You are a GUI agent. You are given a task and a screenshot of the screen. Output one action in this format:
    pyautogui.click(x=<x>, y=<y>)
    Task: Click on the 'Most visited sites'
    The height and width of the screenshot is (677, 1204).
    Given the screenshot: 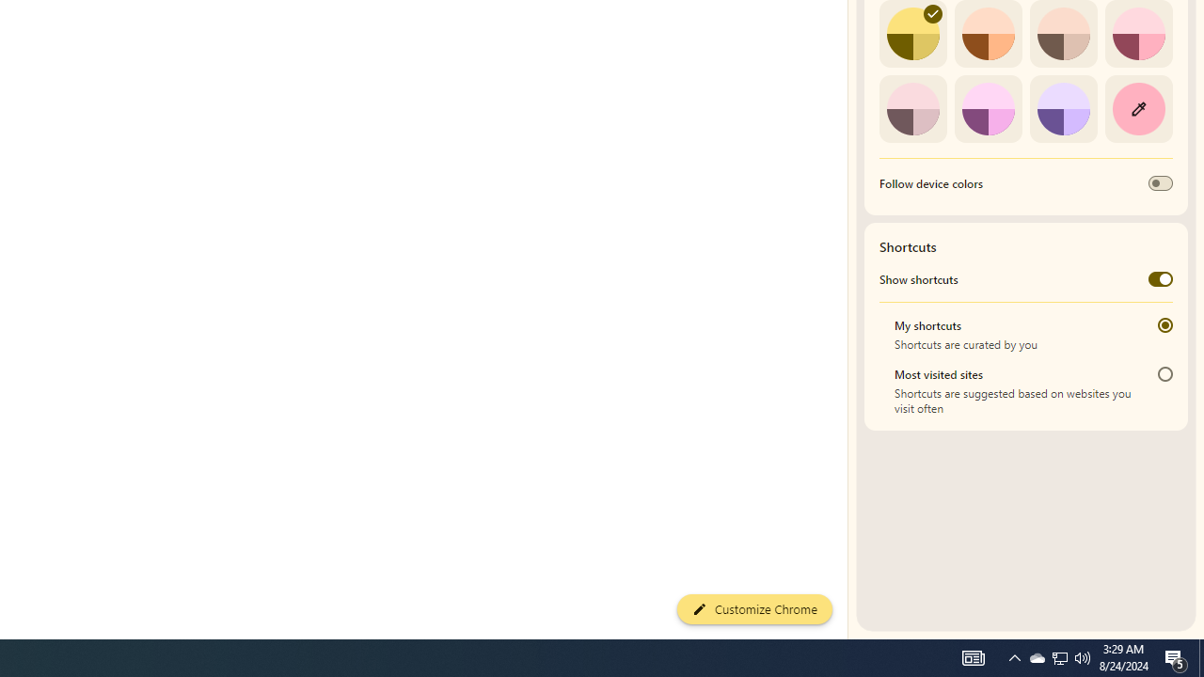 What is the action you would take?
    pyautogui.click(x=1164, y=374)
    